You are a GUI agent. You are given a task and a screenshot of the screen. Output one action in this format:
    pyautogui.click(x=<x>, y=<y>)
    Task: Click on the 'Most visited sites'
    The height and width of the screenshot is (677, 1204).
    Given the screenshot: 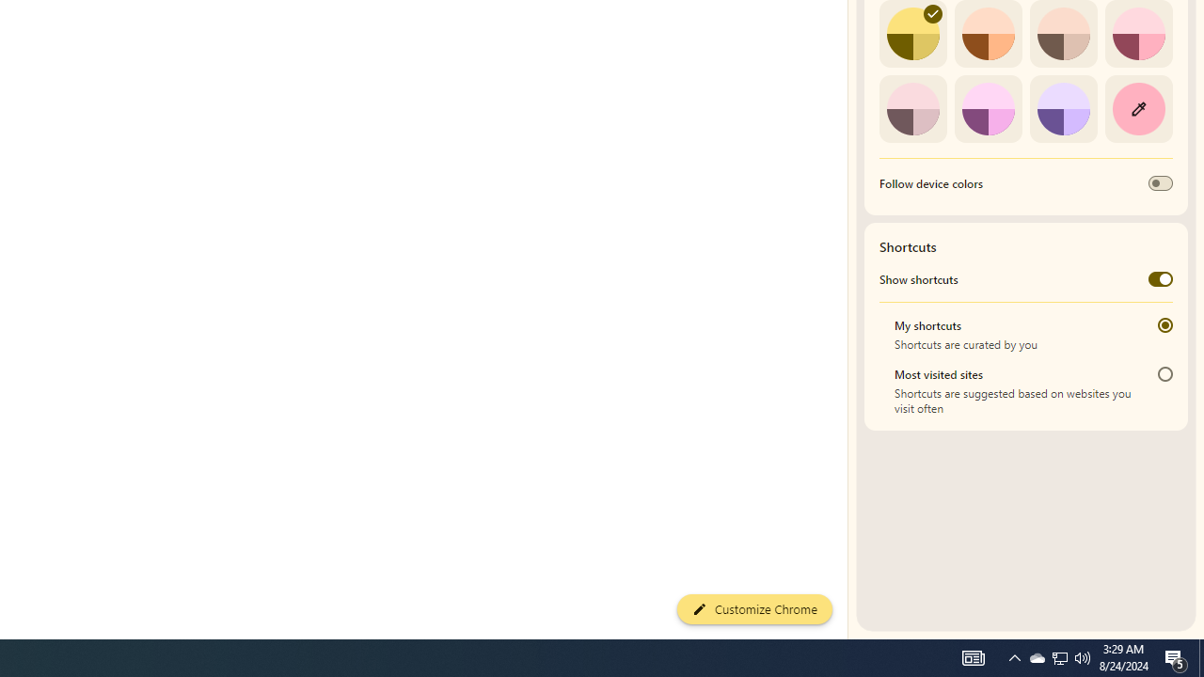 What is the action you would take?
    pyautogui.click(x=1164, y=374)
    